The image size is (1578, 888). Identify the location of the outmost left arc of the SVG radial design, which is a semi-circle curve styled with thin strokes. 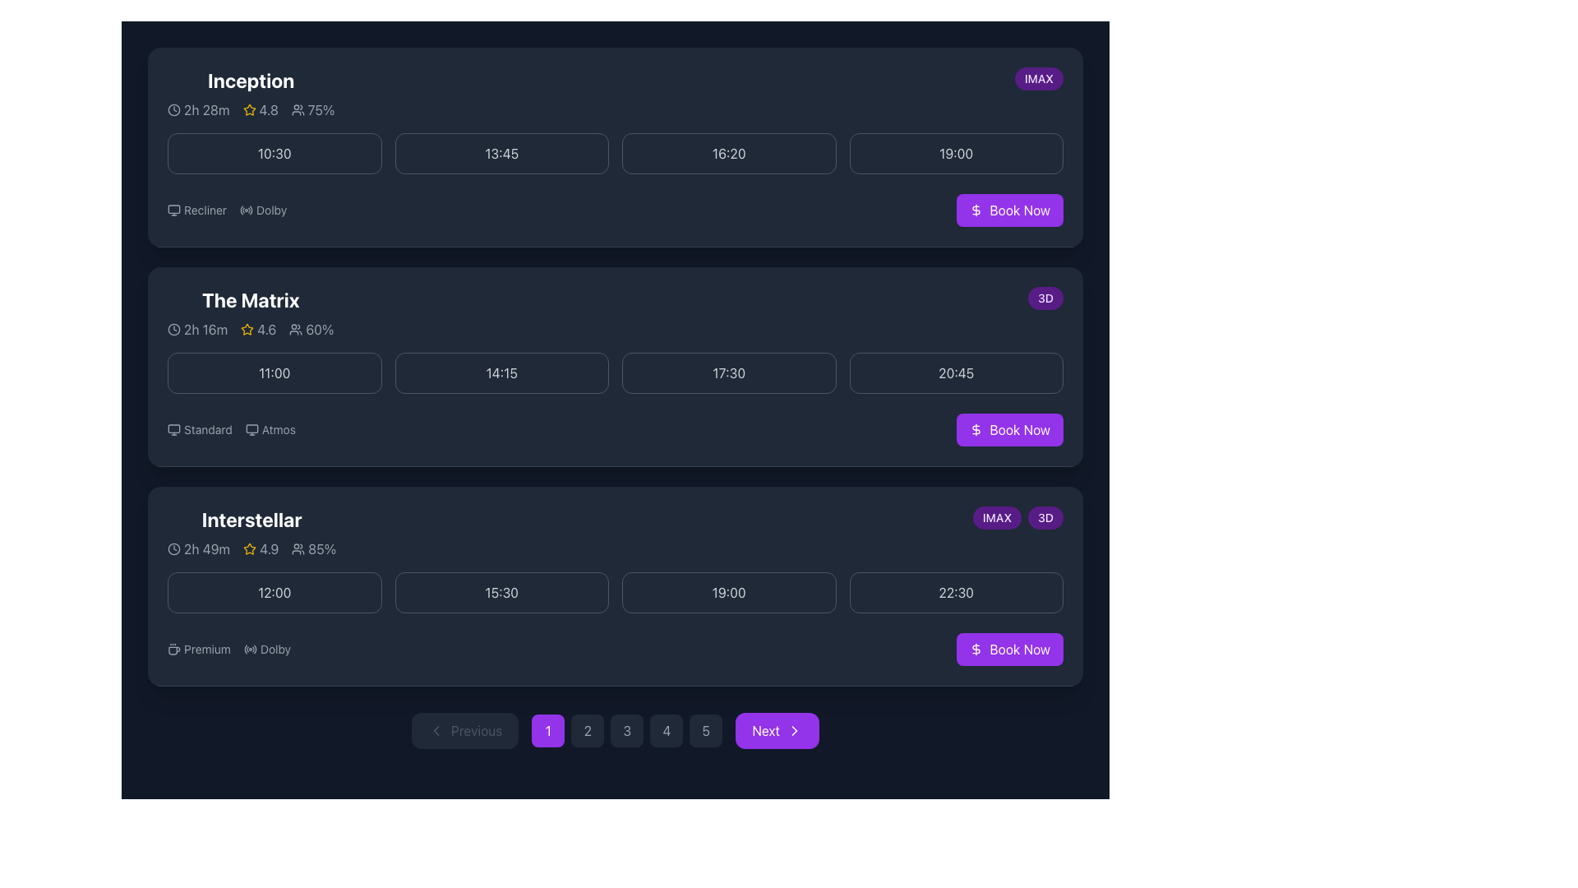
(241, 209).